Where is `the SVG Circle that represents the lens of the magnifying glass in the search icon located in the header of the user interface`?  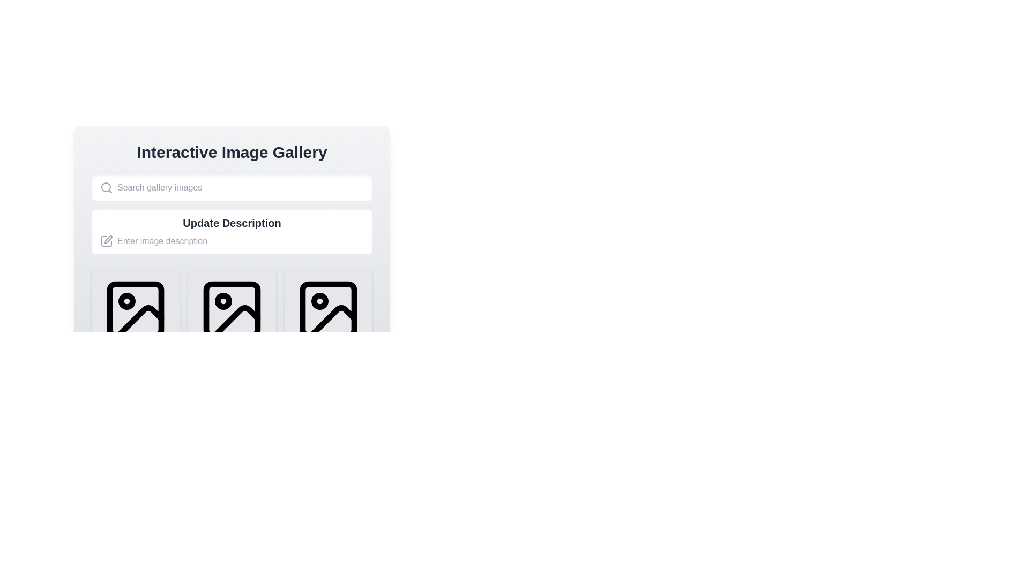 the SVG Circle that represents the lens of the magnifying glass in the search icon located in the header of the user interface is located at coordinates (106, 187).